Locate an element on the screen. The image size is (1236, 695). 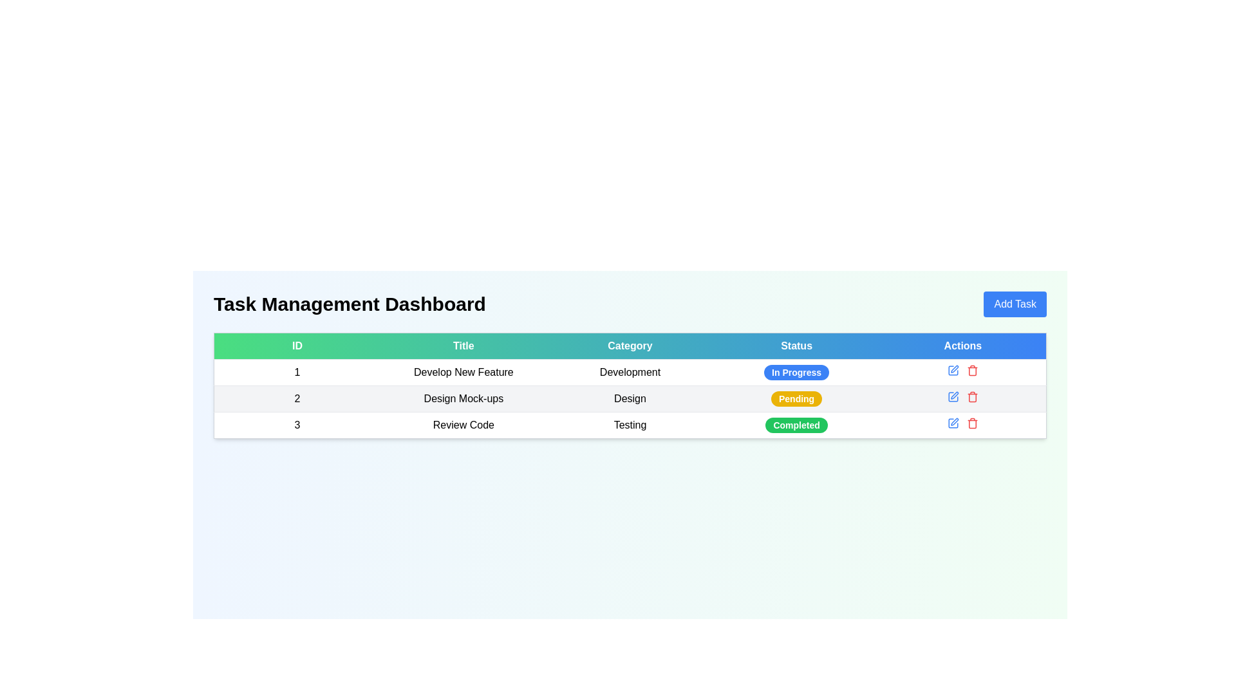
the delete button located in the 'Actions' column of the third row within the table is located at coordinates (972, 370).